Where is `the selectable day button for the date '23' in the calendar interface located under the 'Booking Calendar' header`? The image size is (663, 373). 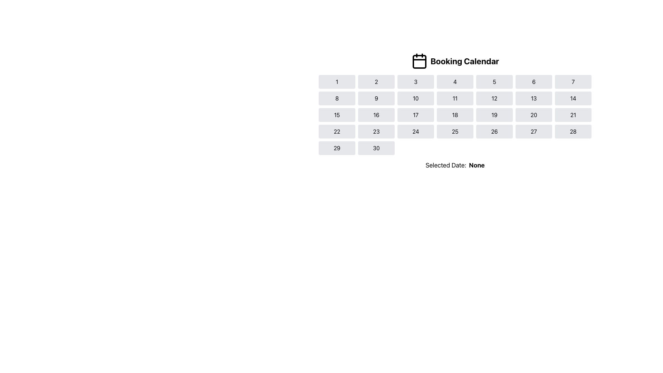
the selectable day button for the date '23' in the calendar interface located under the 'Booking Calendar' header is located at coordinates (376, 132).